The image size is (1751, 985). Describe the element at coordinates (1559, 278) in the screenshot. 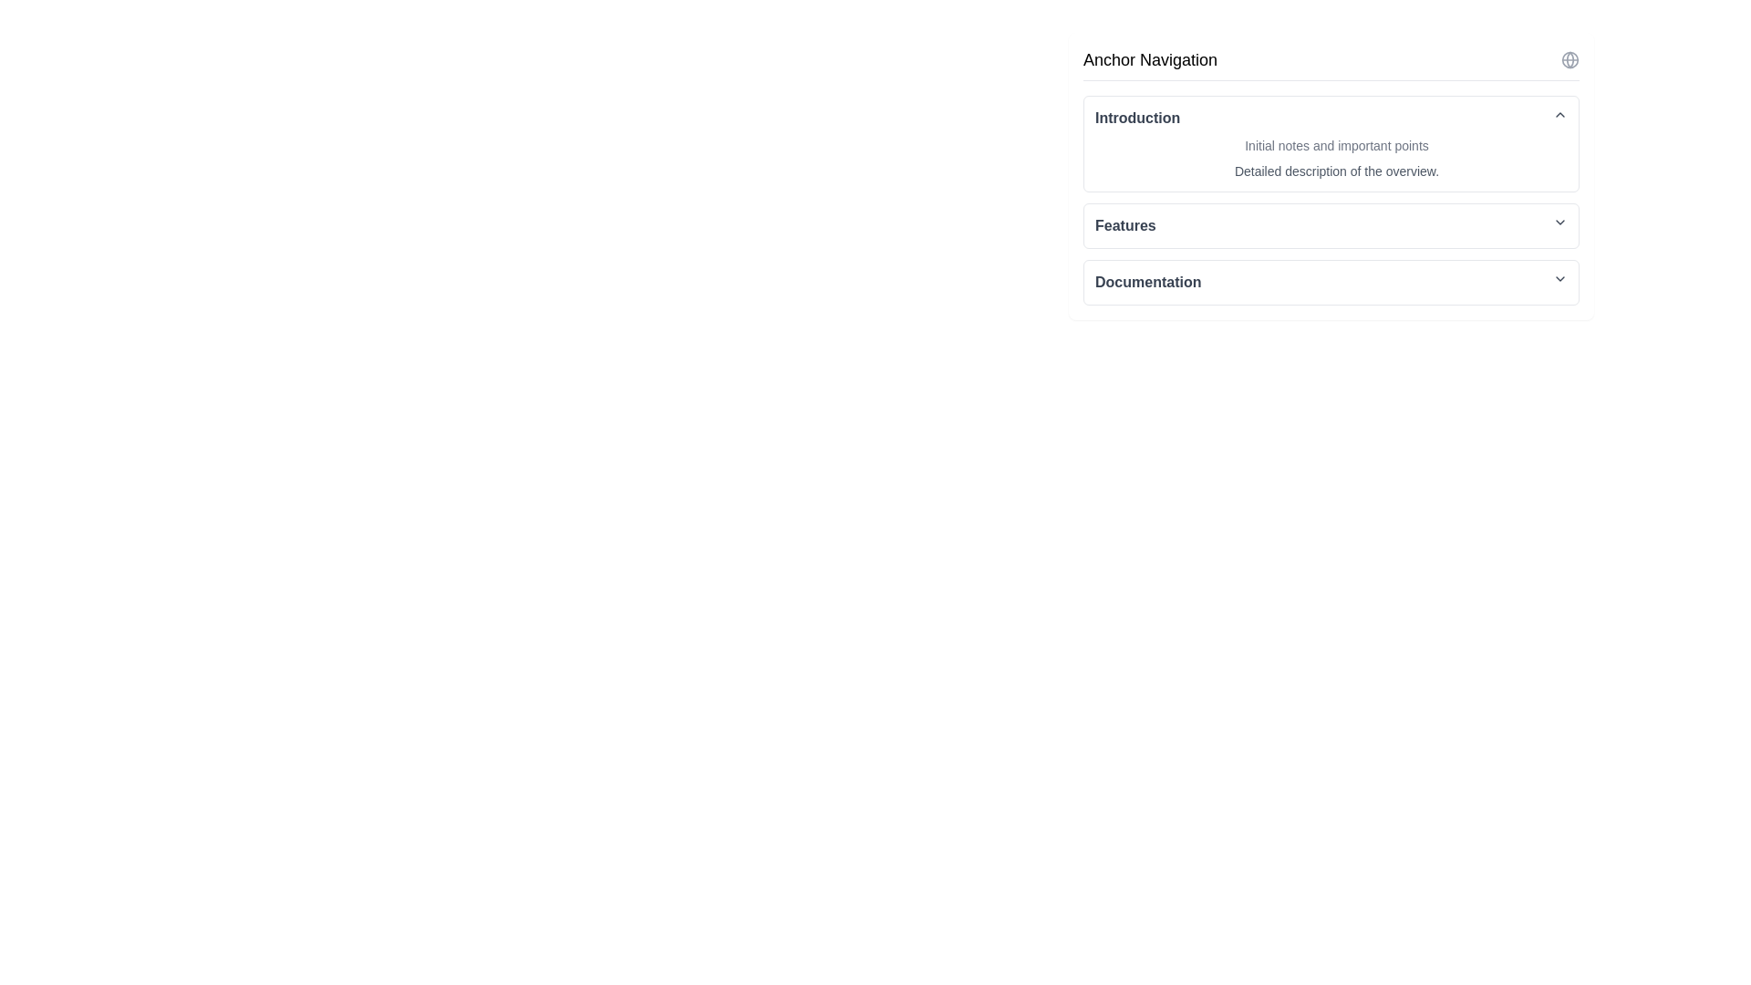

I see `the downward-facing chevron icon located at the rightmost side of the 'Documentation' row` at that location.